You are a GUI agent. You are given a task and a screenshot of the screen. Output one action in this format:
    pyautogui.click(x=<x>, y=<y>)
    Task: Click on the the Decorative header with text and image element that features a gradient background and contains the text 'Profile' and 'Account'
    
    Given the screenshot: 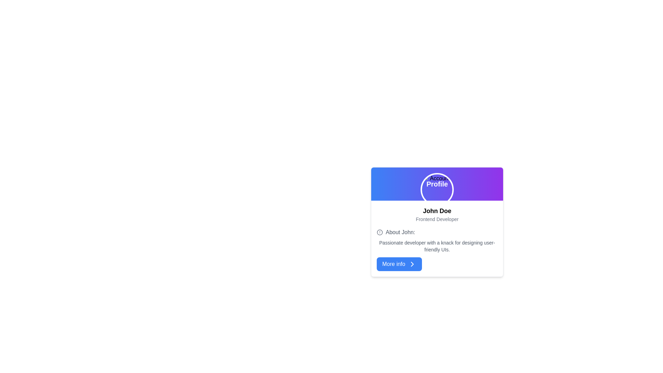 What is the action you would take?
    pyautogui.click(x=437, y=183)
    